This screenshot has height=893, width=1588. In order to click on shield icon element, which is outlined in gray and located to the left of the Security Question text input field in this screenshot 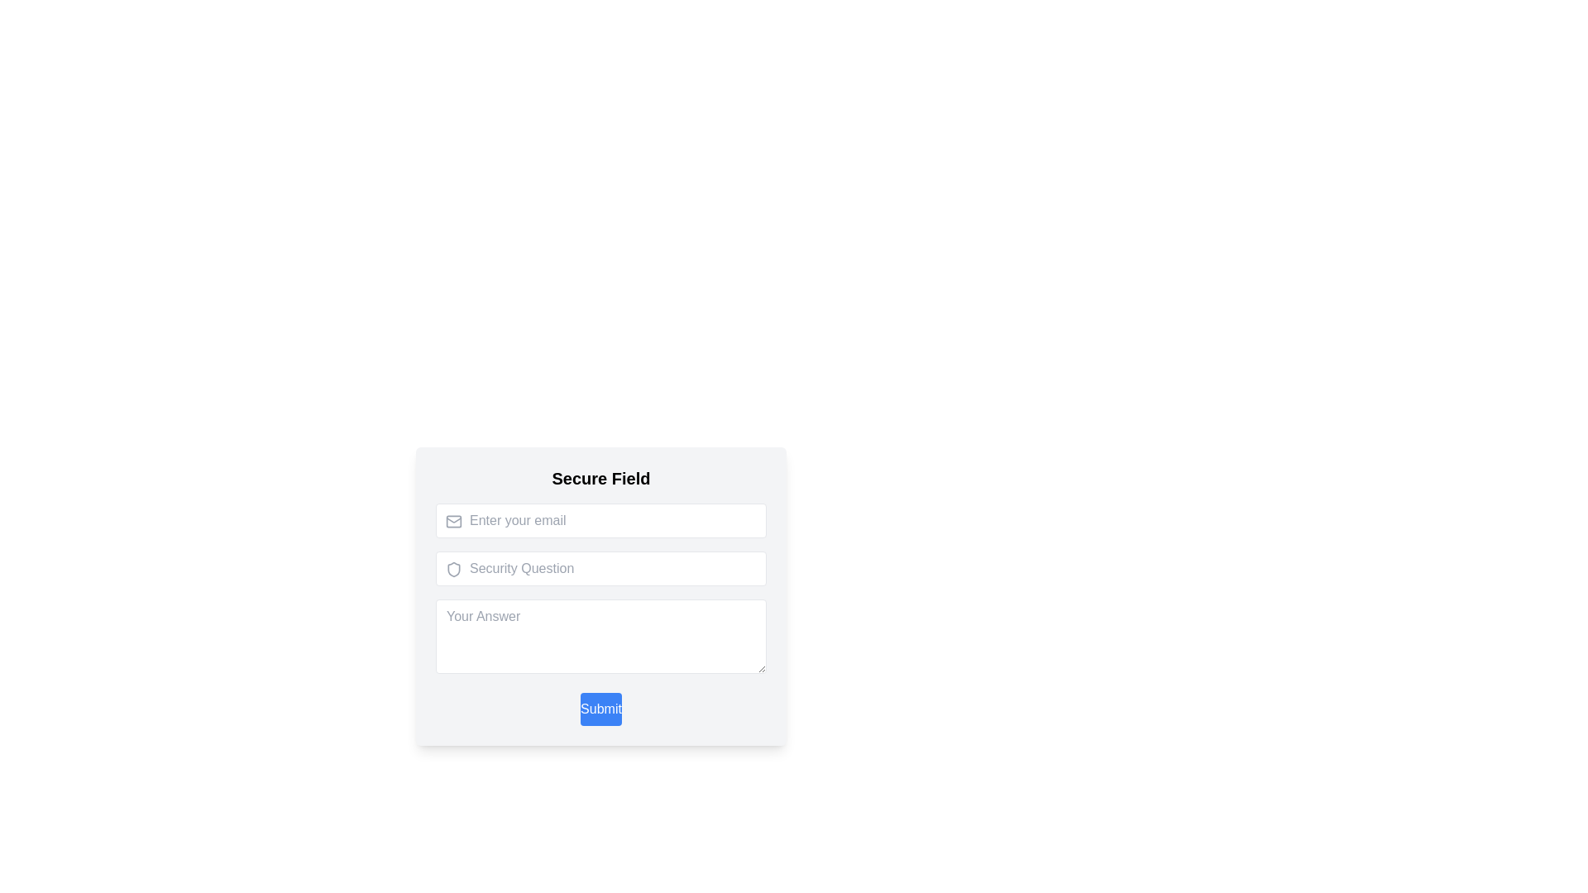, I will do `click(453, 569)`.